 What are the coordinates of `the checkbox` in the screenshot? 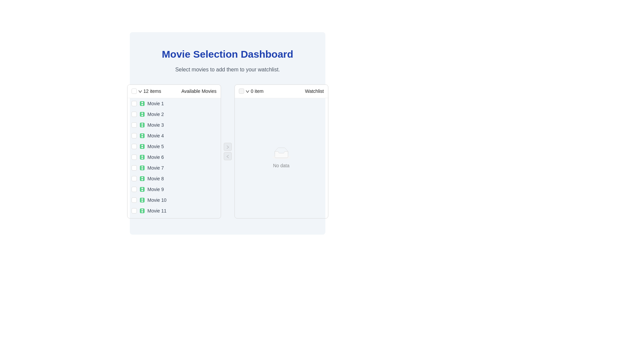 It's located at (134, 136).